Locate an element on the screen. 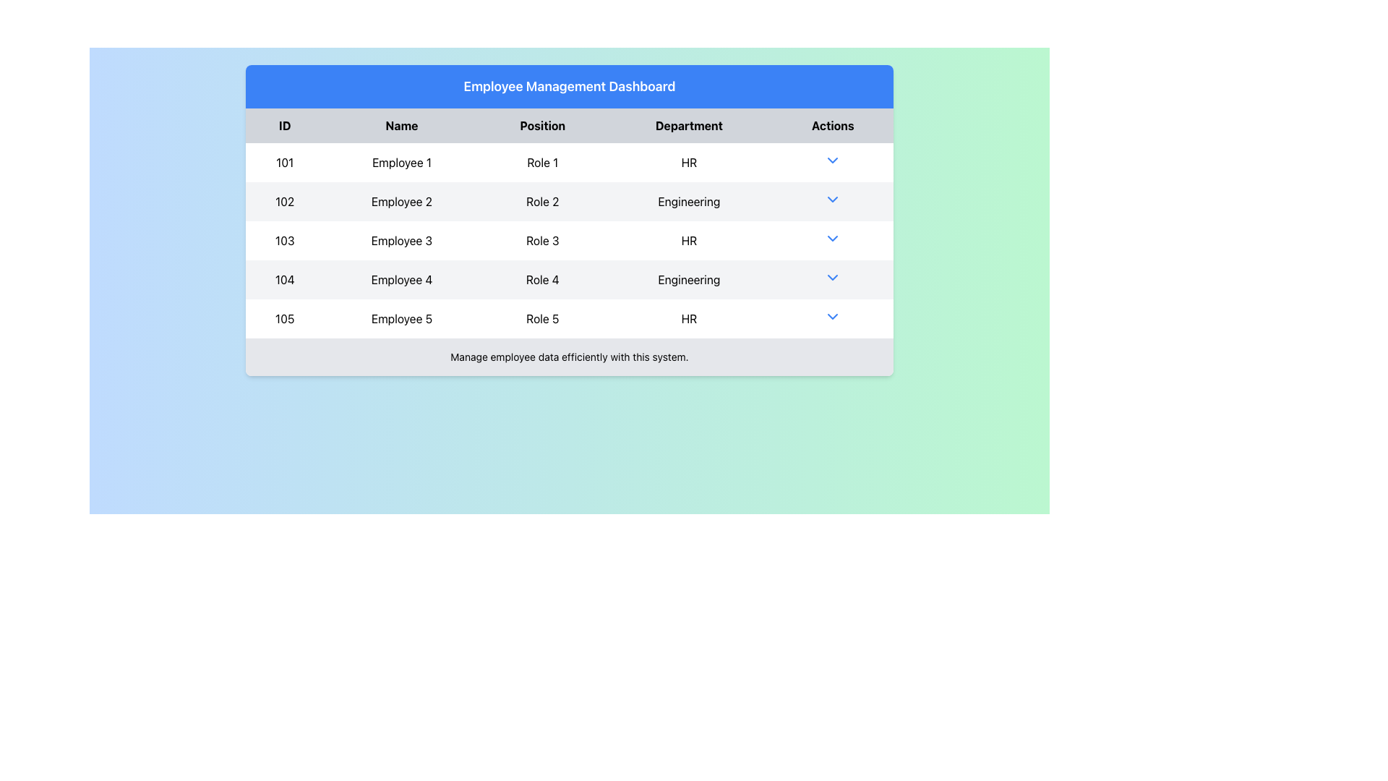 Image resolution: width=1388 pixels, height=781 pixels. the text-based display element showing 'Role 5' in the fifth row under the 'Position' column of the Employee Management Dashboard is located at coordinates (541, 317).